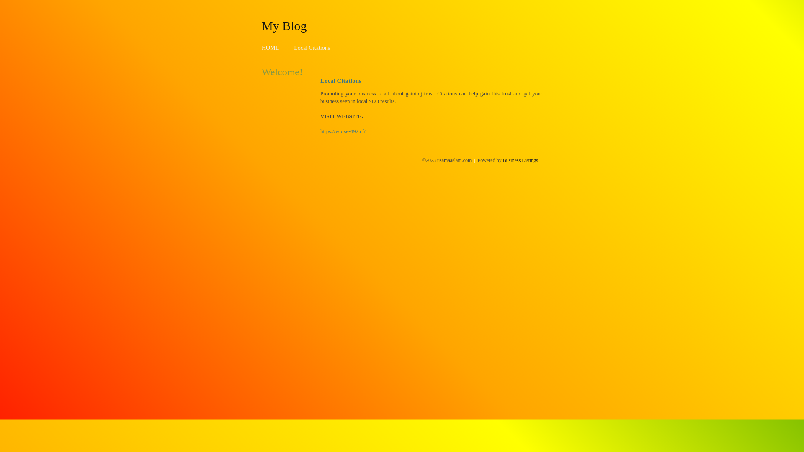 The width and height of the screenshot is (804, 452). What do you see at coordinates (270, 48) in the screenshot?
I see `'HOME'` at bounding box center [270, 48].